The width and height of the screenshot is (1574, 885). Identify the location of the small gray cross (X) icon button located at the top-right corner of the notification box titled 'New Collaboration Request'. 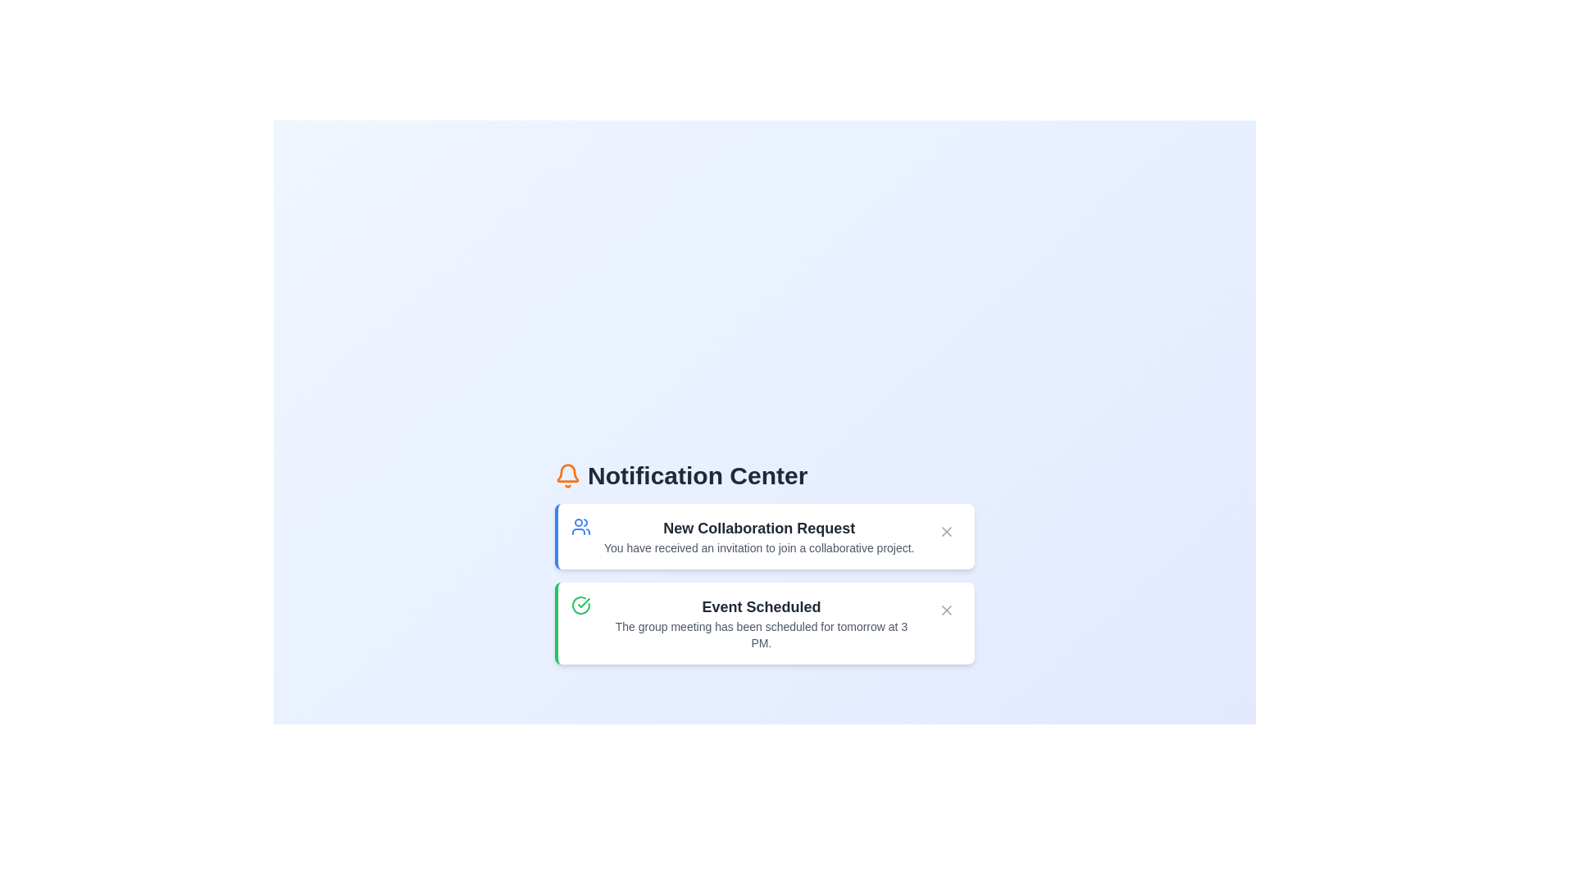
(947, 531).